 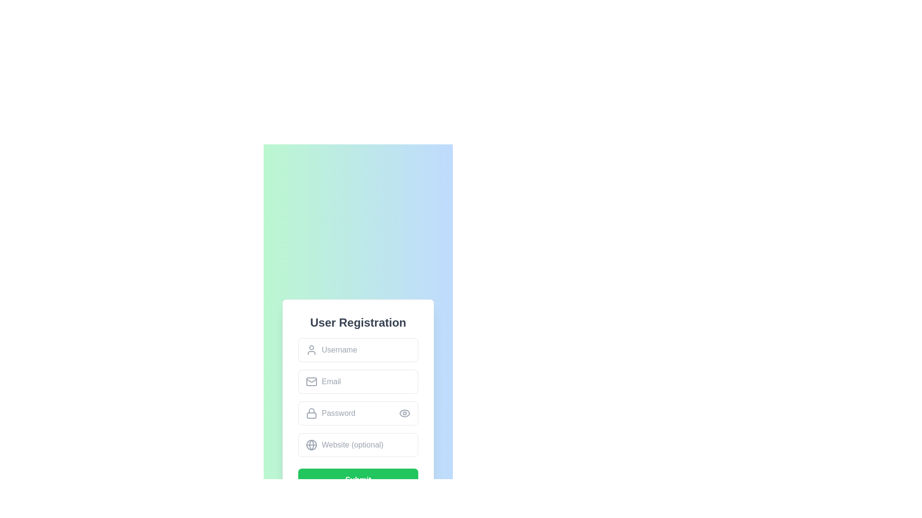 I want to click on the small rectangular decorative component located within the lock icon, which is positioned to the left of the 'Password' input field in the 'User Registration' form, so click(x=311, y=415).